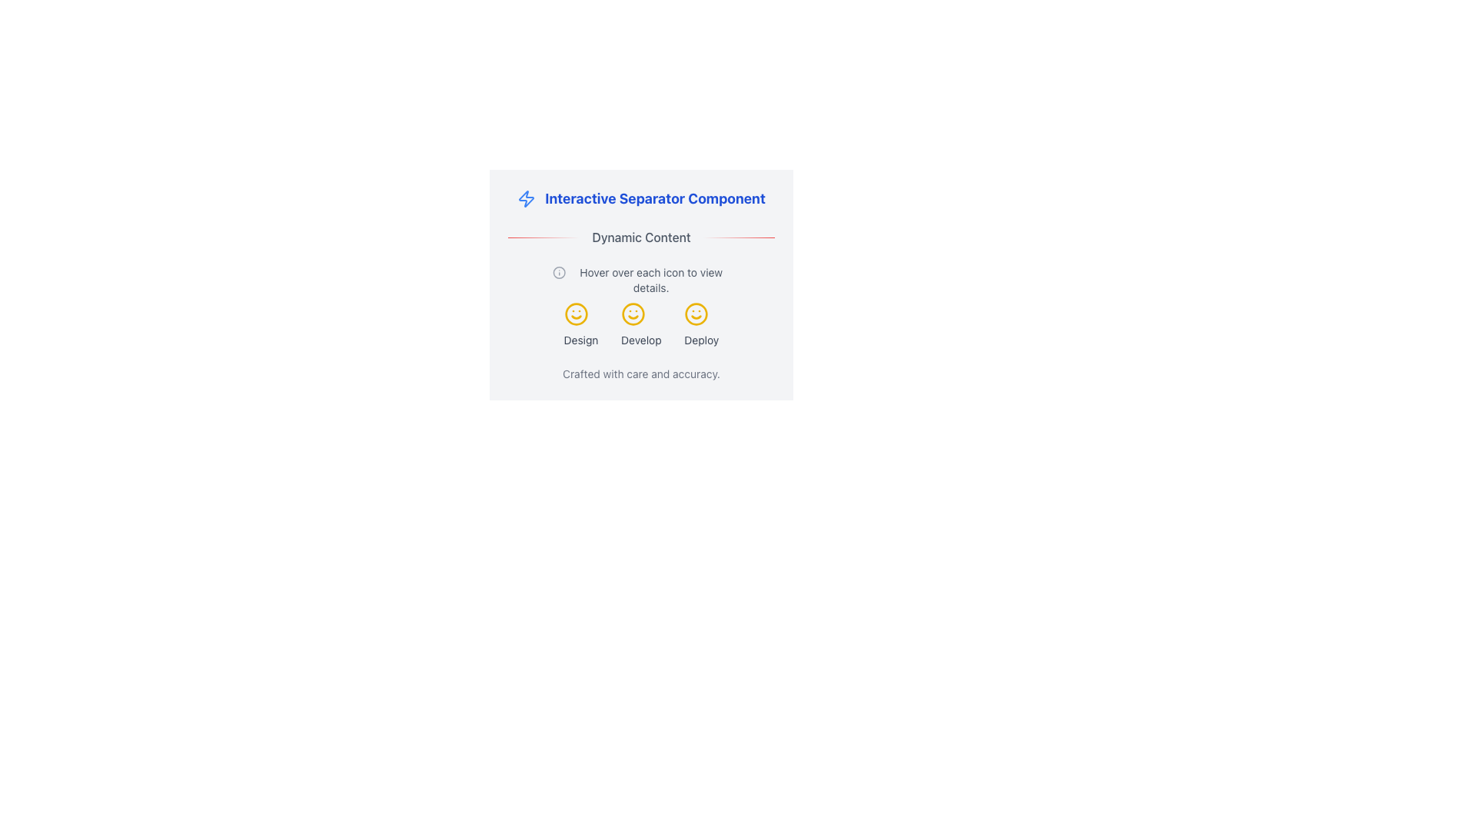  I want to click on the text label that serves as a title or heading, positioned below a graphical separator line and to the right of a lightning bolt icon, so click(655, 198).